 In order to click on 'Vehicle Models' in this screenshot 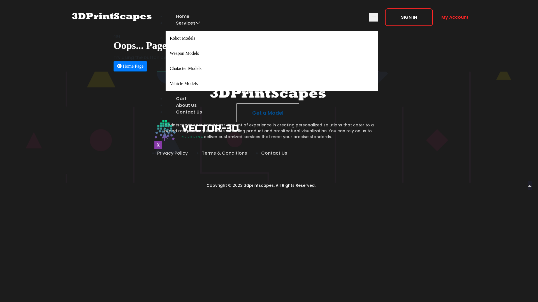, I will do `click(165, 84)`.